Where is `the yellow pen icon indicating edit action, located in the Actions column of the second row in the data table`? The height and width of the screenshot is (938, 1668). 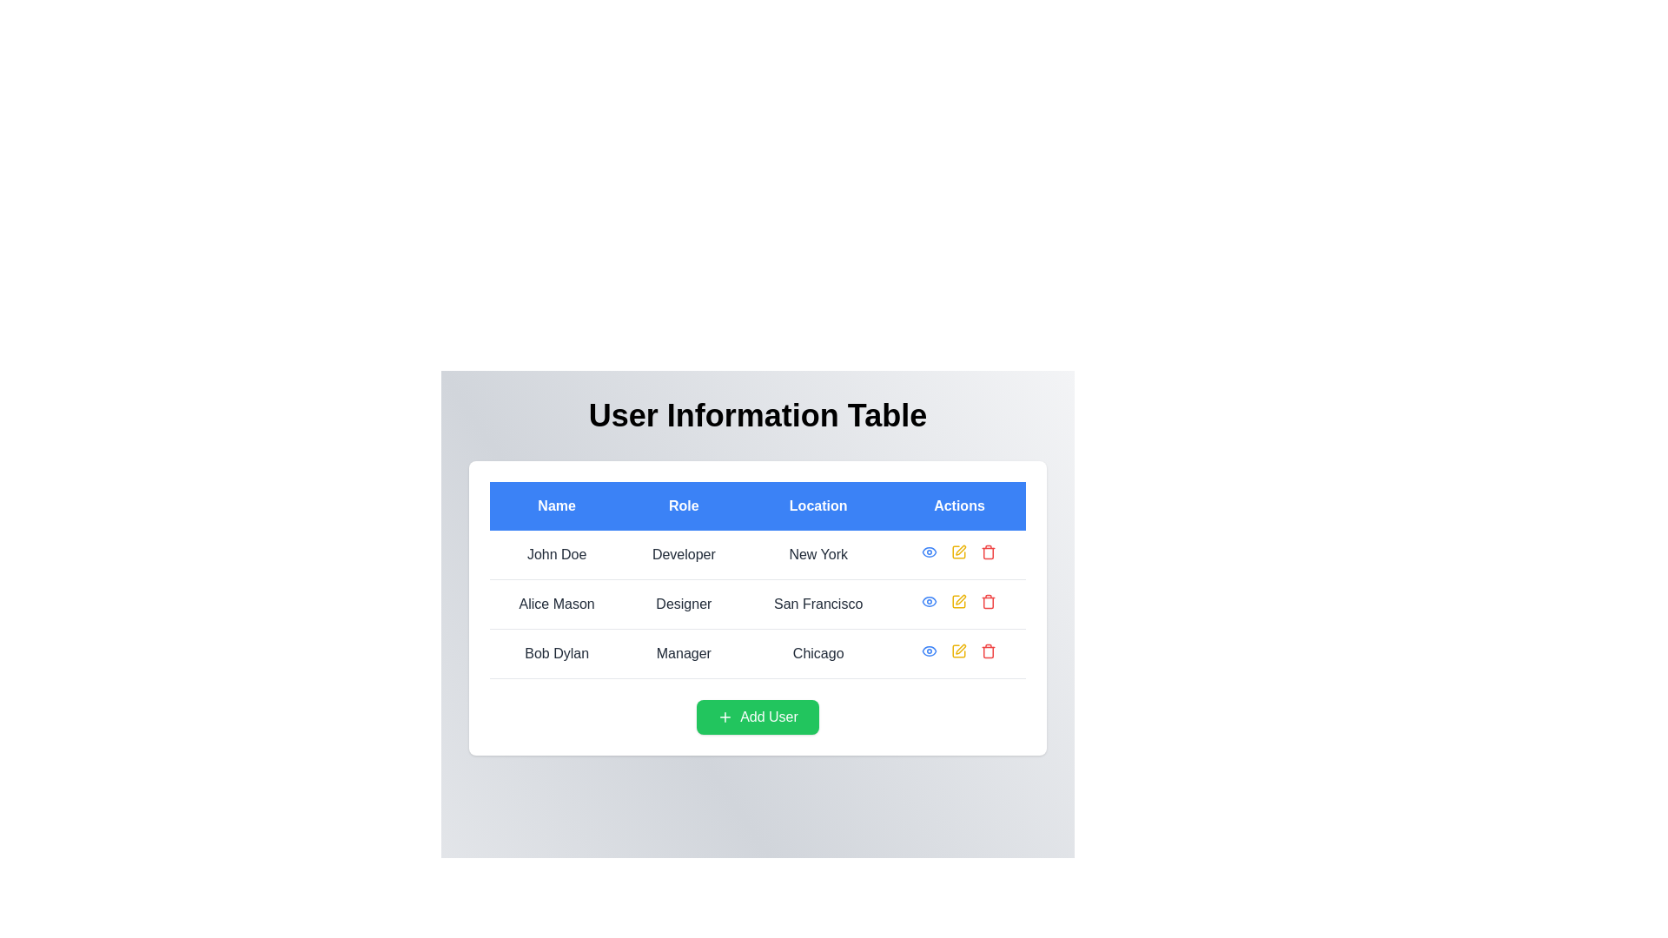 the yellow pen icon indicating edit action, located in the Actions column of the second row in the data table is located at coordinates (958, 601).